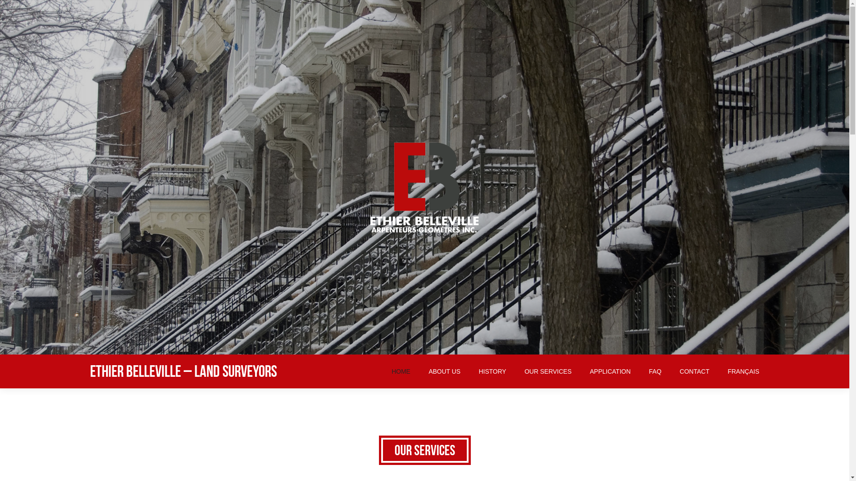 This screenshot has height=481, width=856. What do you see at coordinates (655, 371) in the screenshot?
I see `'FAQ'` at bounding box center [655, 371].